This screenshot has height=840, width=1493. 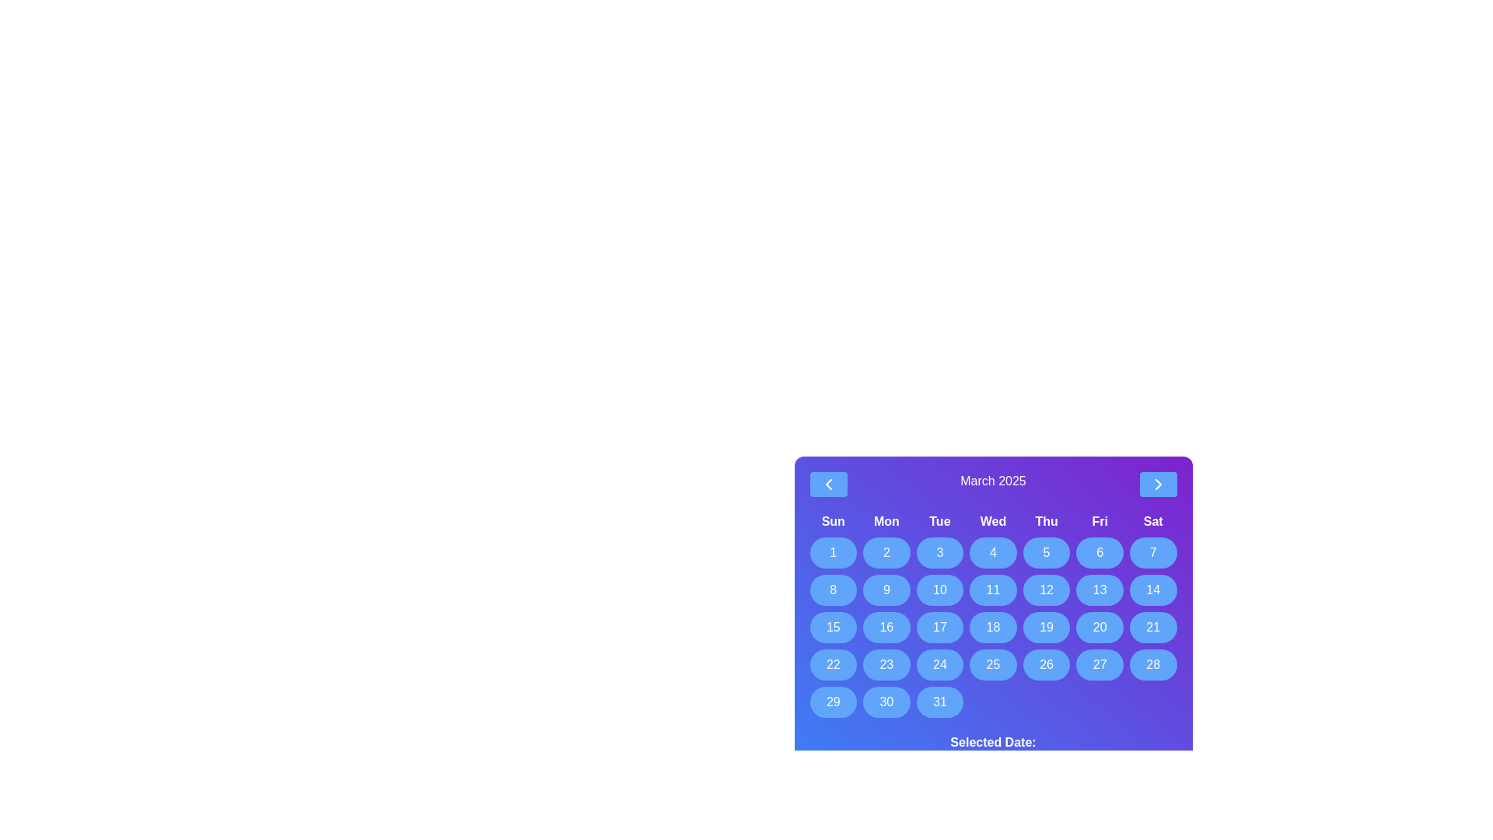 I want to click on the circular blue button labeled '2' in the calendar interface, so click(x=886, y=551).